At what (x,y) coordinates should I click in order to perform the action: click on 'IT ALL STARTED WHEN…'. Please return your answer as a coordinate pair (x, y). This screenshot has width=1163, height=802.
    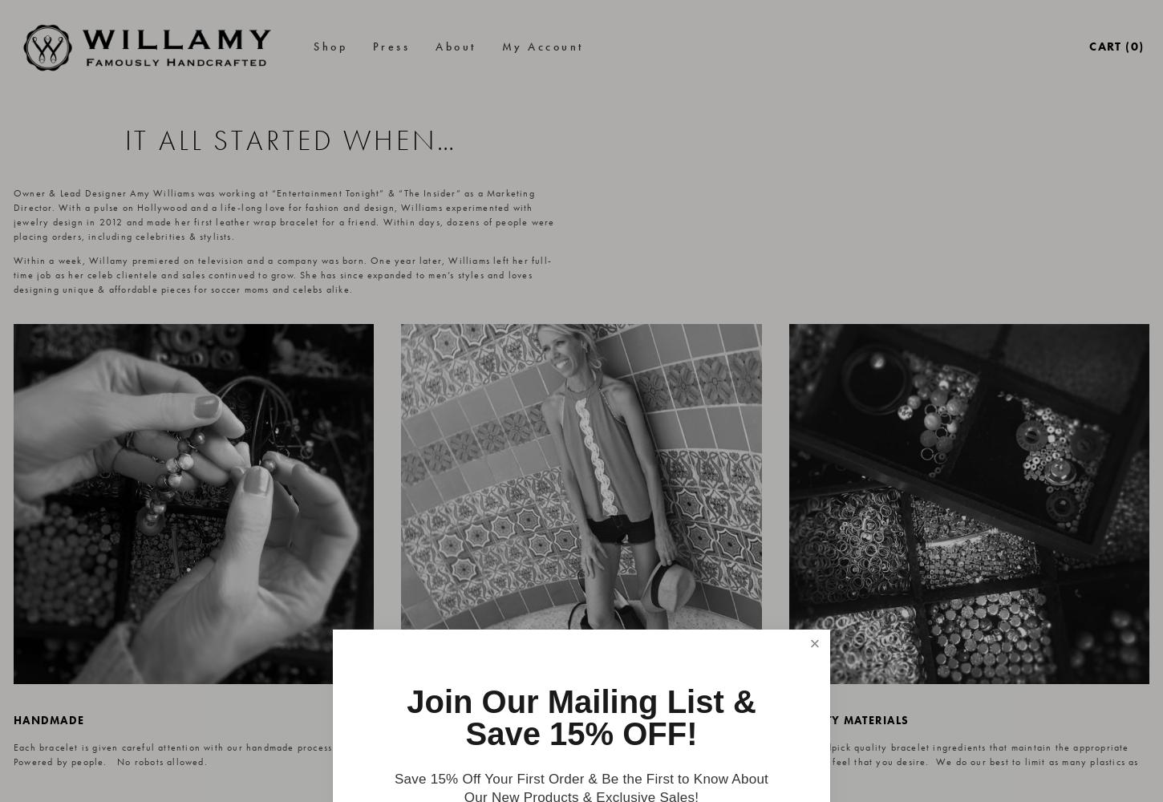
    Looking at the image, I should click on (290, 140).